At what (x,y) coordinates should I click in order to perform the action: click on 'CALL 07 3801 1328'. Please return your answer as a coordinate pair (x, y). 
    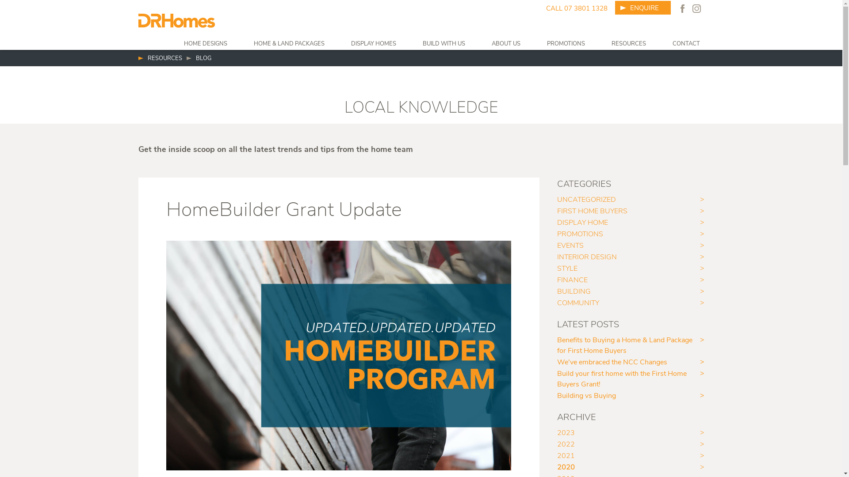
    Looking at the image, I should click on (576, 8).